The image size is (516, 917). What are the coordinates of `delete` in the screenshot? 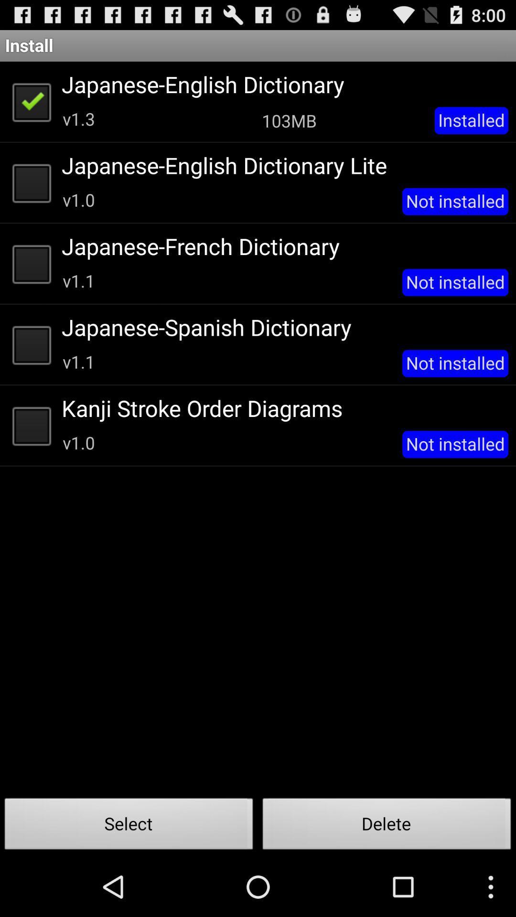 It's located at (387, 826).